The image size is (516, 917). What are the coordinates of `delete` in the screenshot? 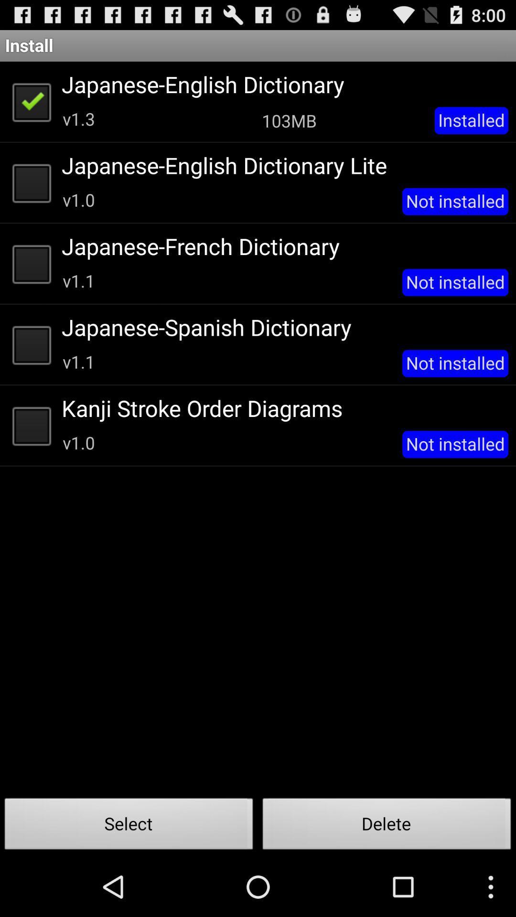 It's located at (387, 826).